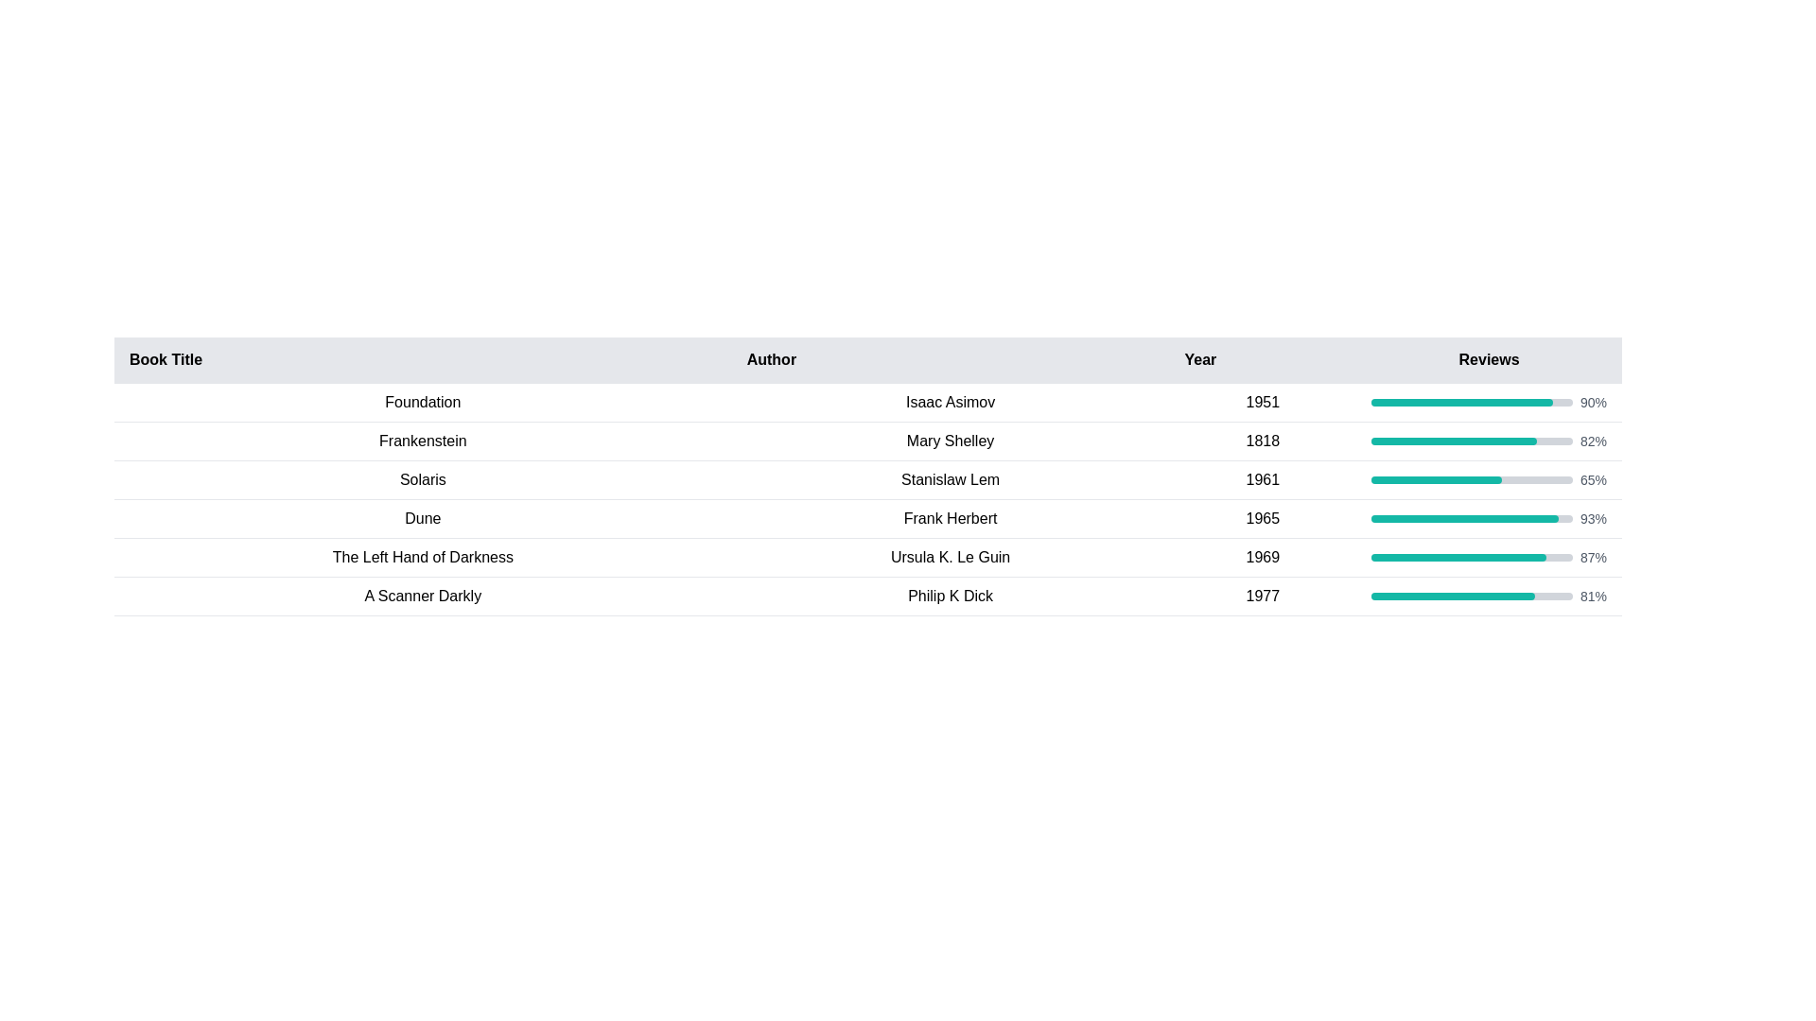 The height and width of the screenshot is (1021, 1816). Describe the element at coordinates (866, 479) in the screenshot. I see `the third row of the table displaying information about the book 'Solaris' by Stanislaw Lem to select it` at that location.